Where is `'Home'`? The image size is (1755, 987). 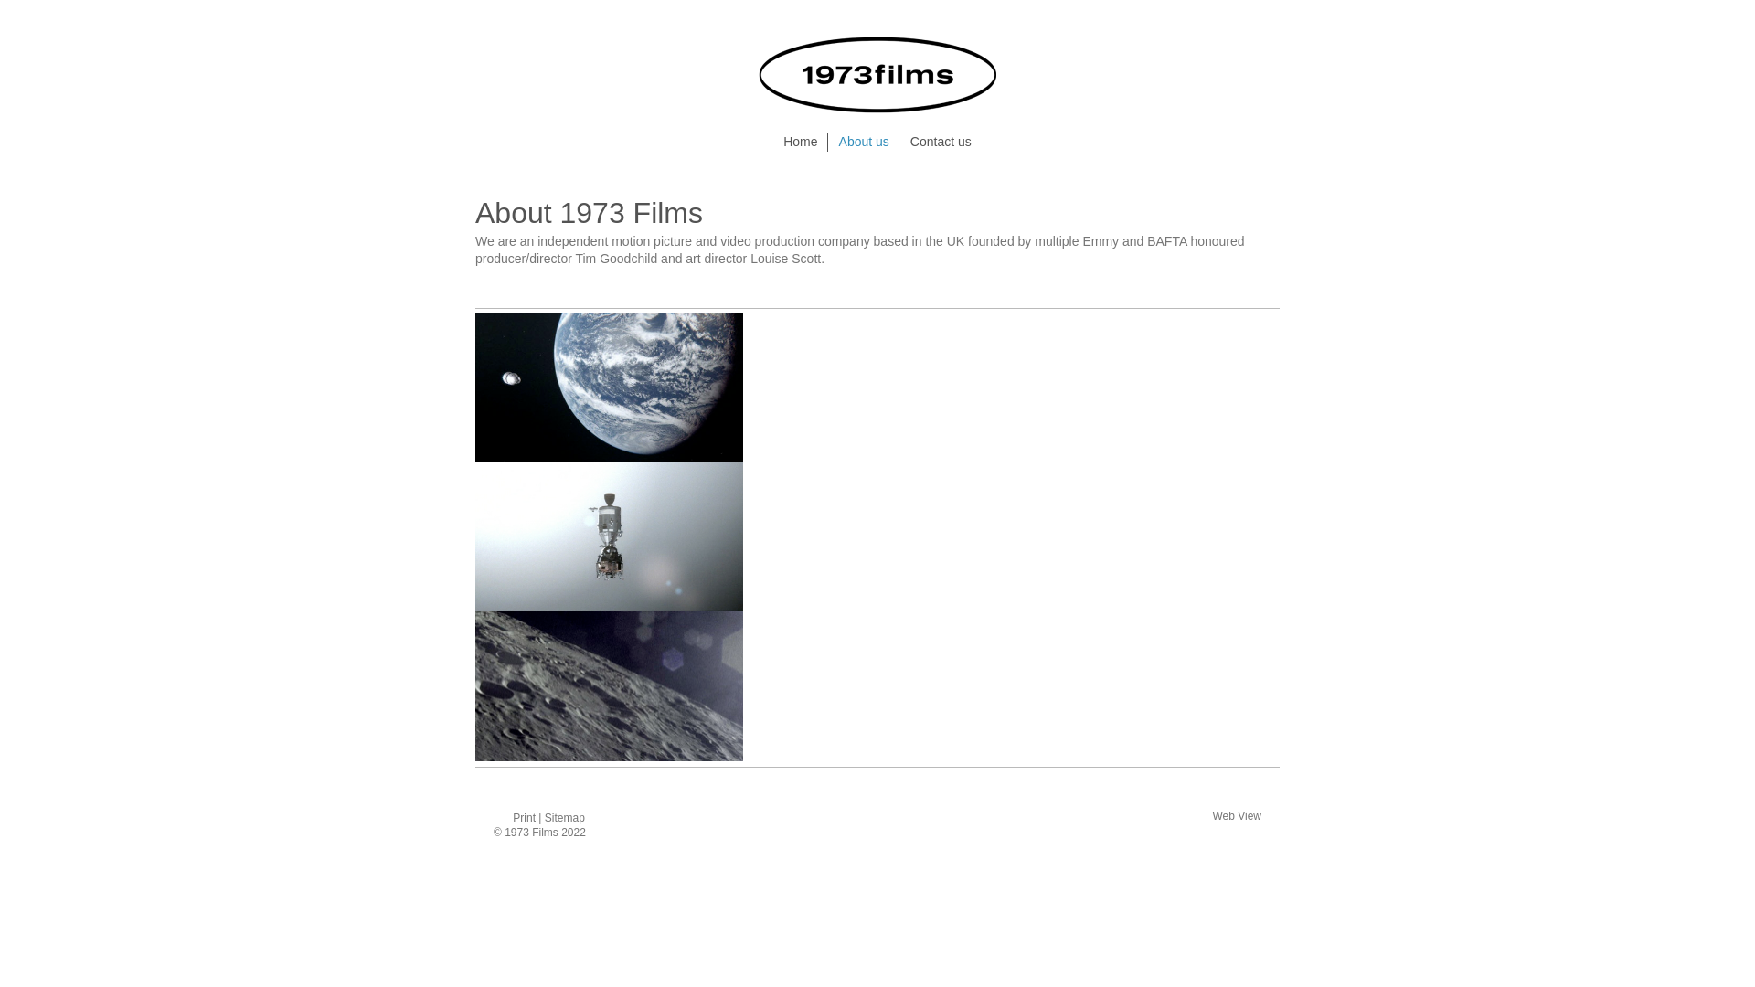
'Home' is located at coordinates (801, 141).